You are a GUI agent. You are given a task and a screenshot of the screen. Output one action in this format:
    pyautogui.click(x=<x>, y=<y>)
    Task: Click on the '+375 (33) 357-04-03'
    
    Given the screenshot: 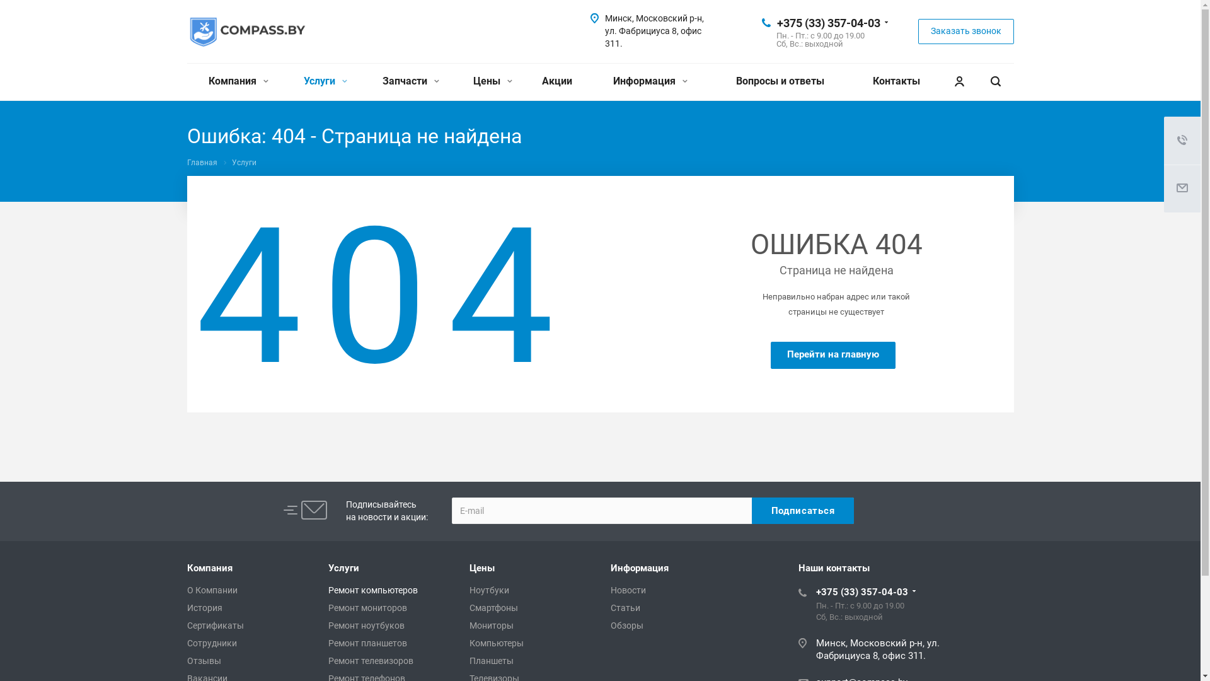 What is the action you would take?
    pyautogui.click(x=861, y=591)
    